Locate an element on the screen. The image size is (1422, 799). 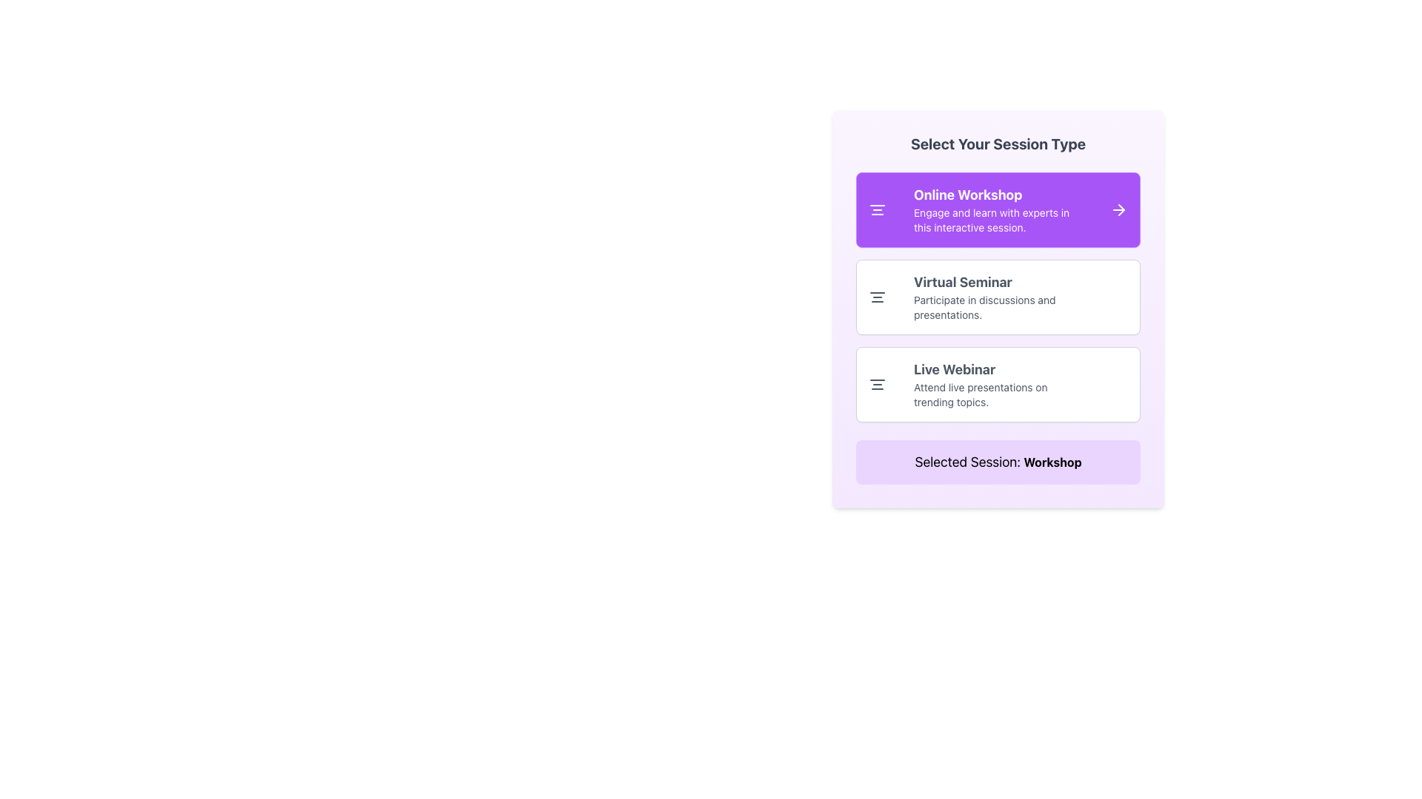
the text block displaying 'Attend live presentations on trending topics.' which is located below the 'Live Webinar' title within a white rectangular card is located at coordinates (998, 394).